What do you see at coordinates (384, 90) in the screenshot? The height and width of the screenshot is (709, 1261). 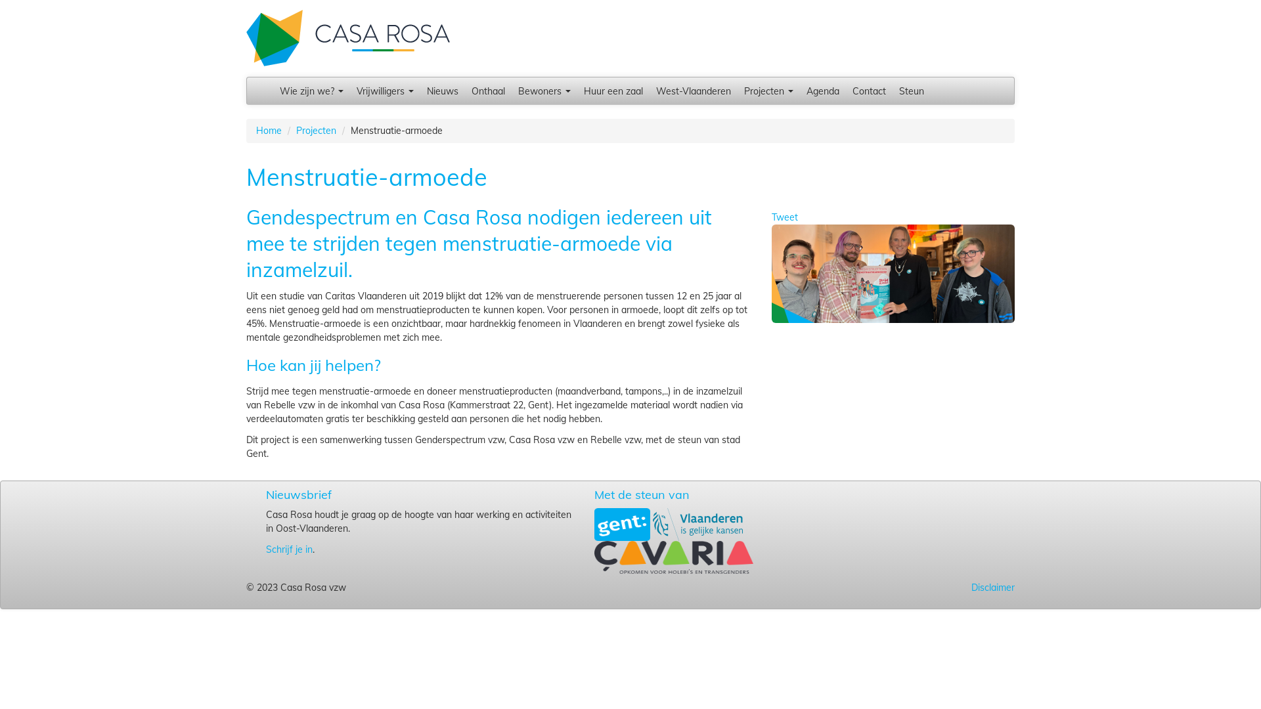 I see `'Vrijwilligers'` at bounding box center [384, 90].